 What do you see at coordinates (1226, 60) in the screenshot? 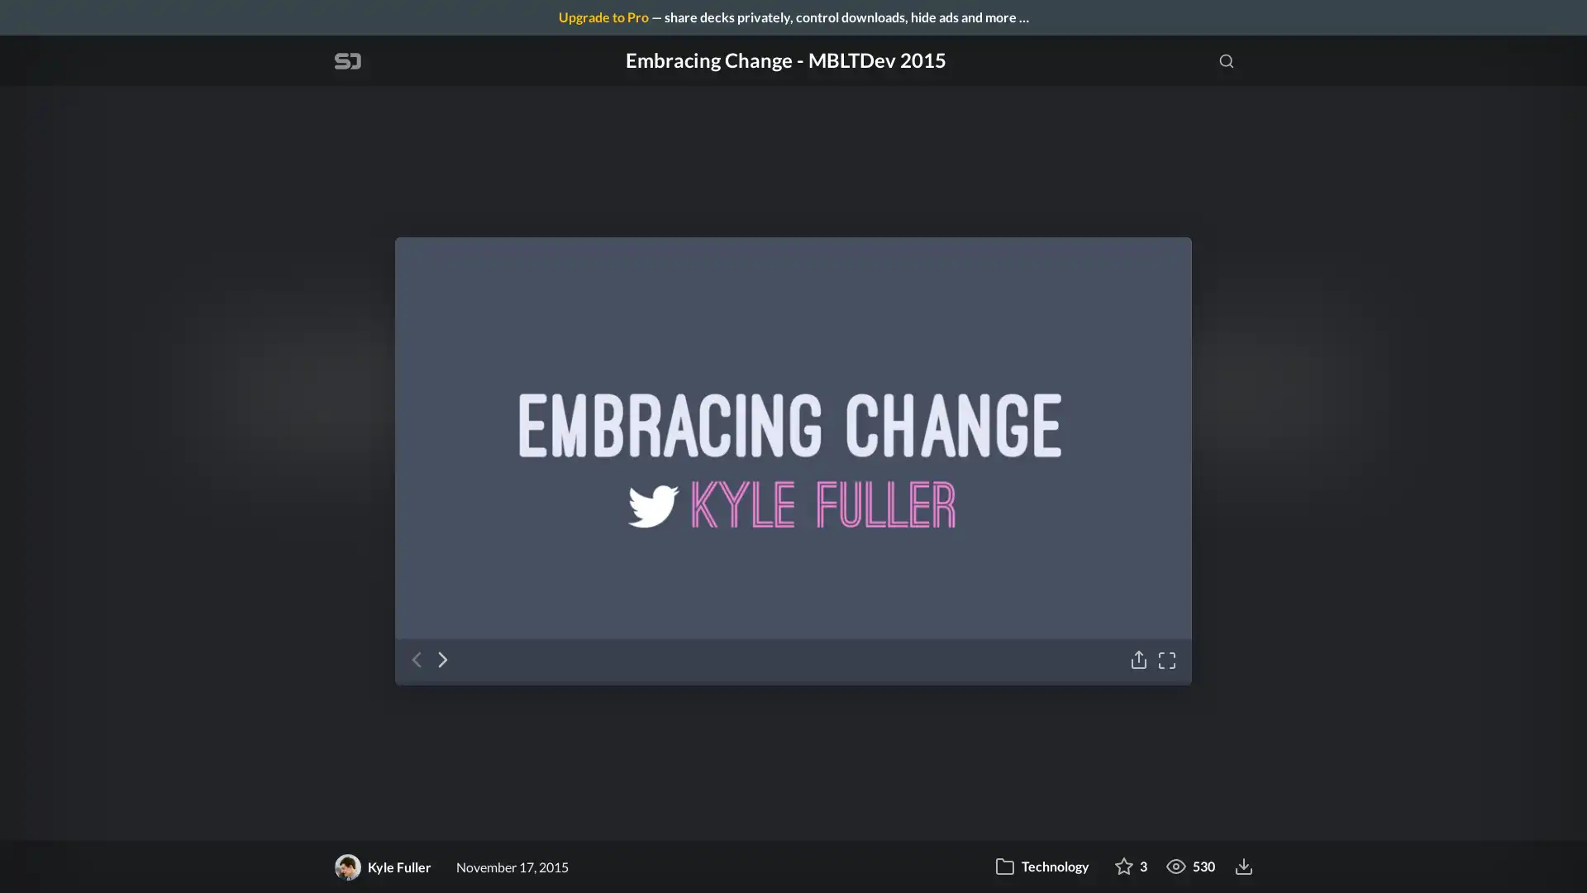
I see `Toggle Search` at bounding box center [1226, 60].